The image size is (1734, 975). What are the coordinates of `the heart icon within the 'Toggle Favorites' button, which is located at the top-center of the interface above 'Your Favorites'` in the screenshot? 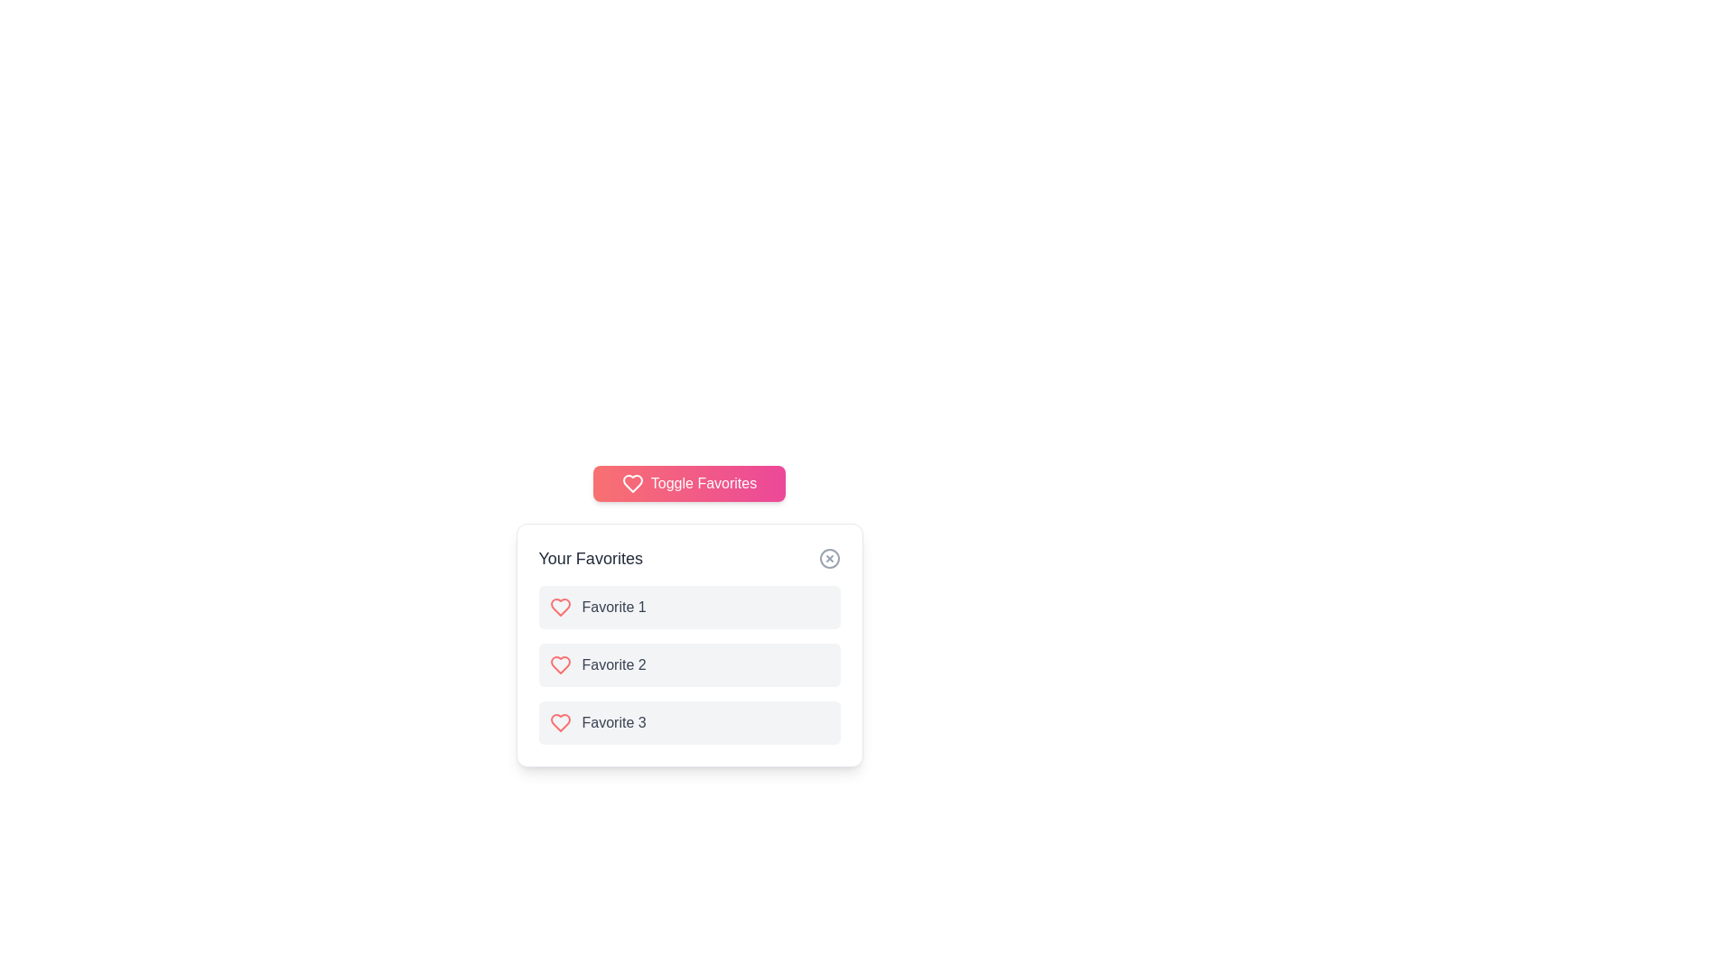 It's located at (632, 483).